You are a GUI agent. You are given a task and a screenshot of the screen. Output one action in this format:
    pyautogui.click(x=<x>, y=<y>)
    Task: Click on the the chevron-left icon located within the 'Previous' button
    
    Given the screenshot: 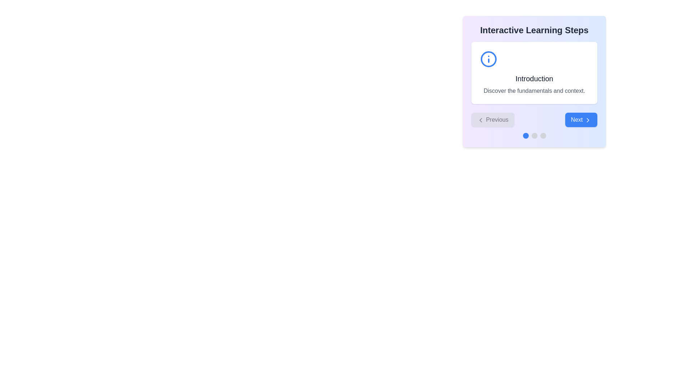 What is the action you would take?
    pyautogui.click(x=480, y=119)
    